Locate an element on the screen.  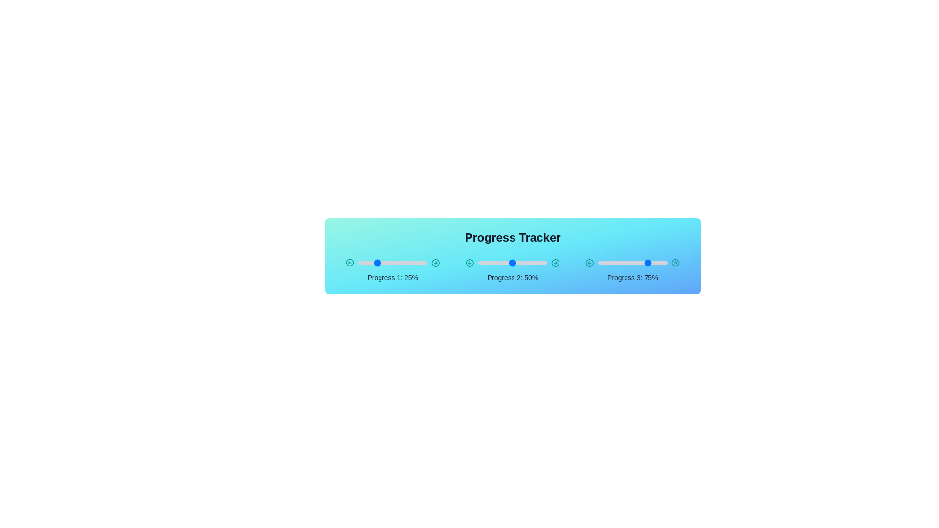
the right arrow of the slider for Progress 2 is located at coordinates (556, 262).